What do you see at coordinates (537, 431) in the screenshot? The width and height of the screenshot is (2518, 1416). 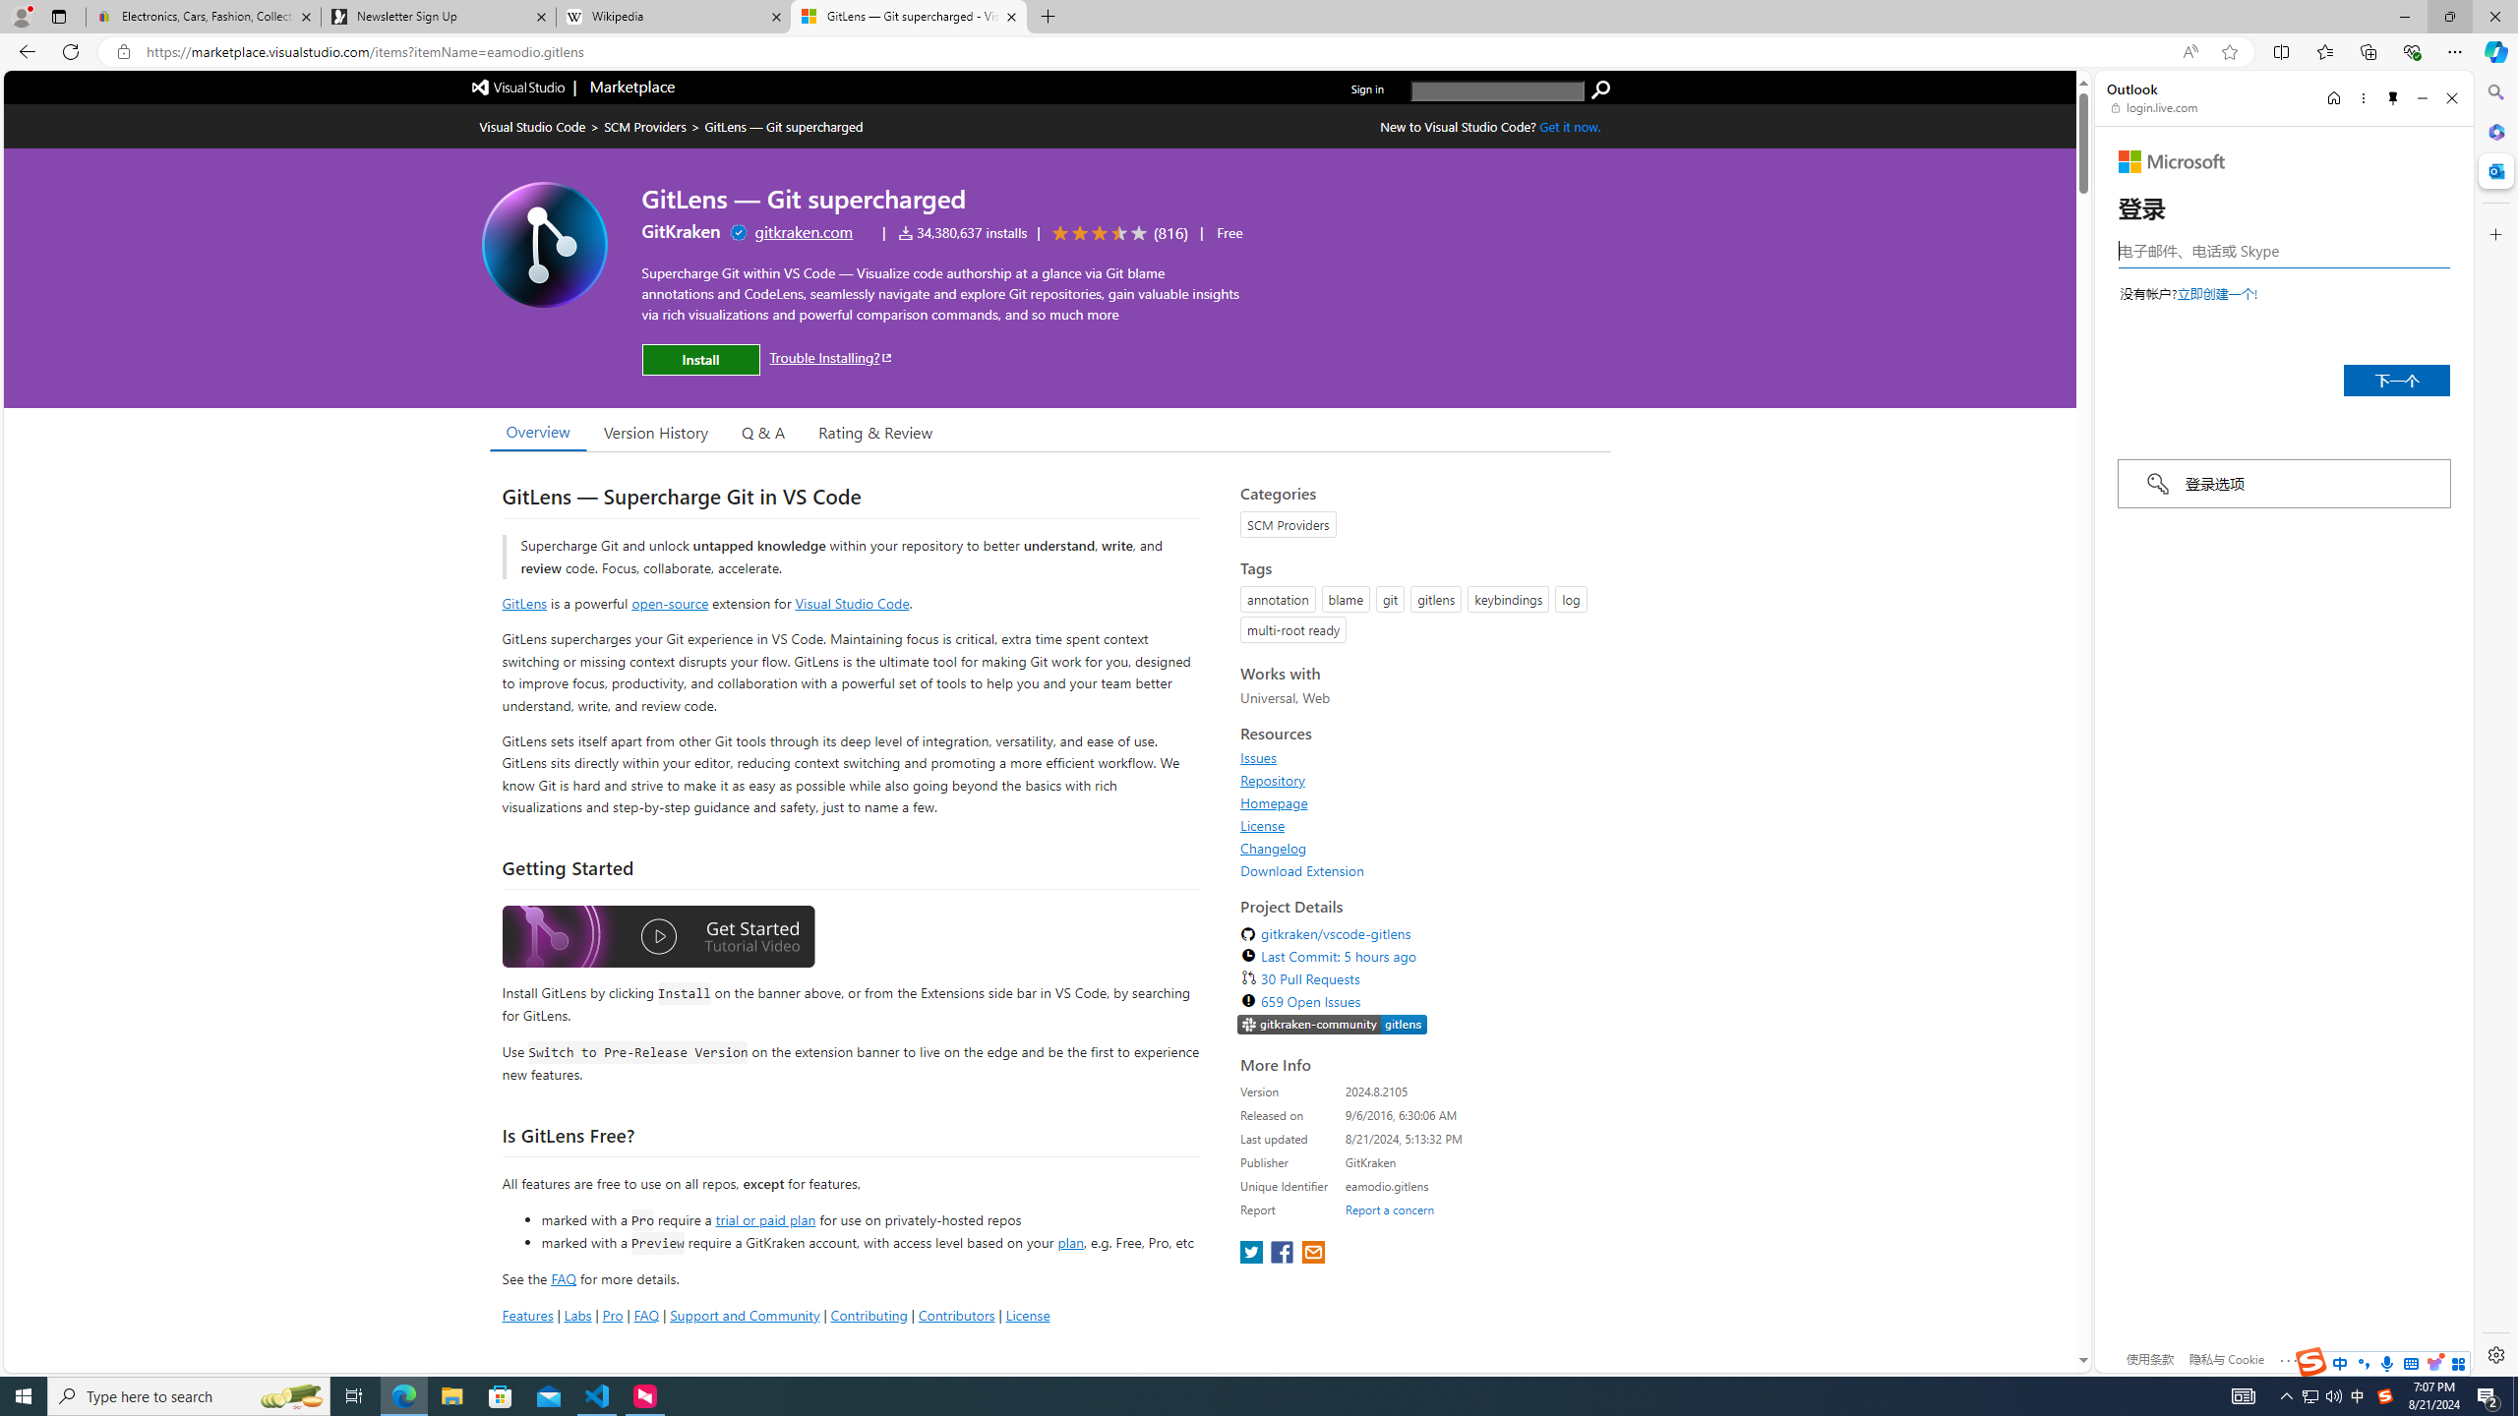 I see `'Overview'` at bounding box center [537, 431].